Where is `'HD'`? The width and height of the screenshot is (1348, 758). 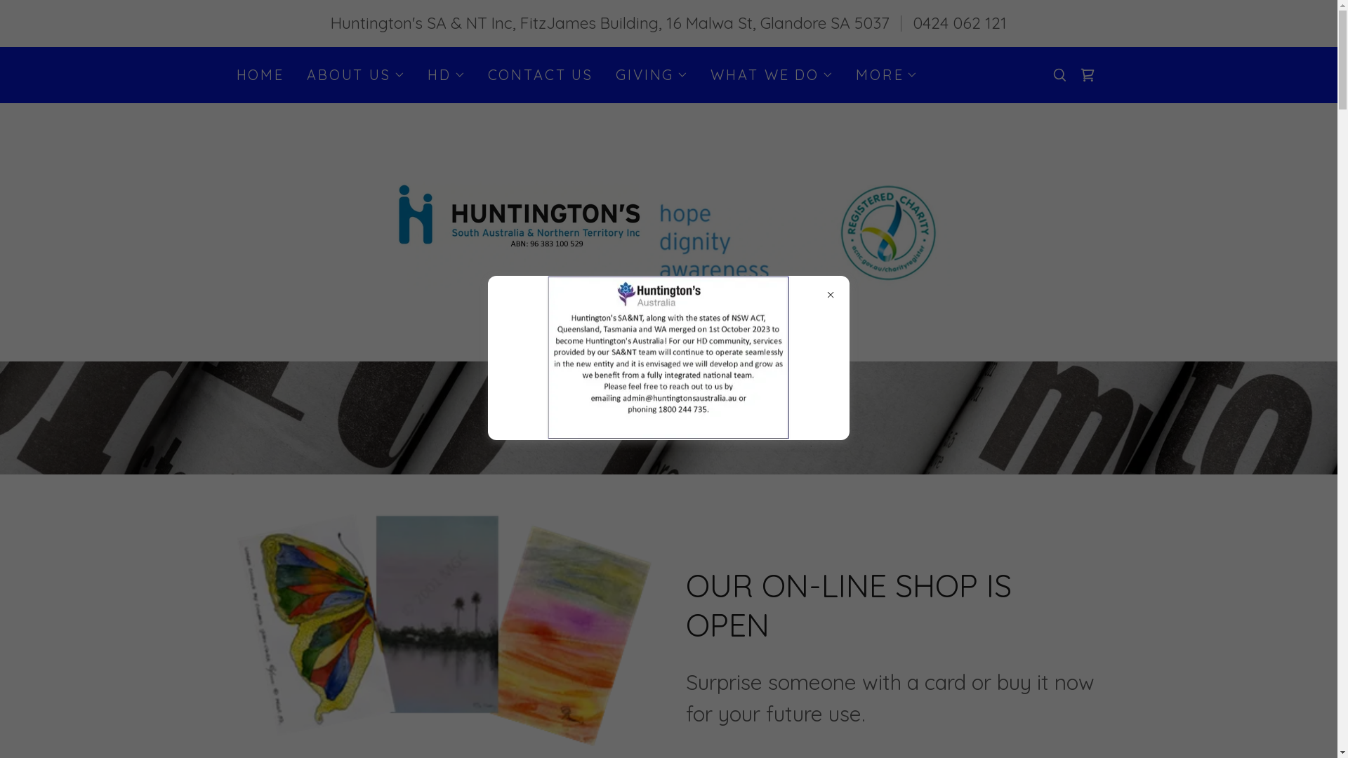
'HD' is located at coordinates (427, 74).